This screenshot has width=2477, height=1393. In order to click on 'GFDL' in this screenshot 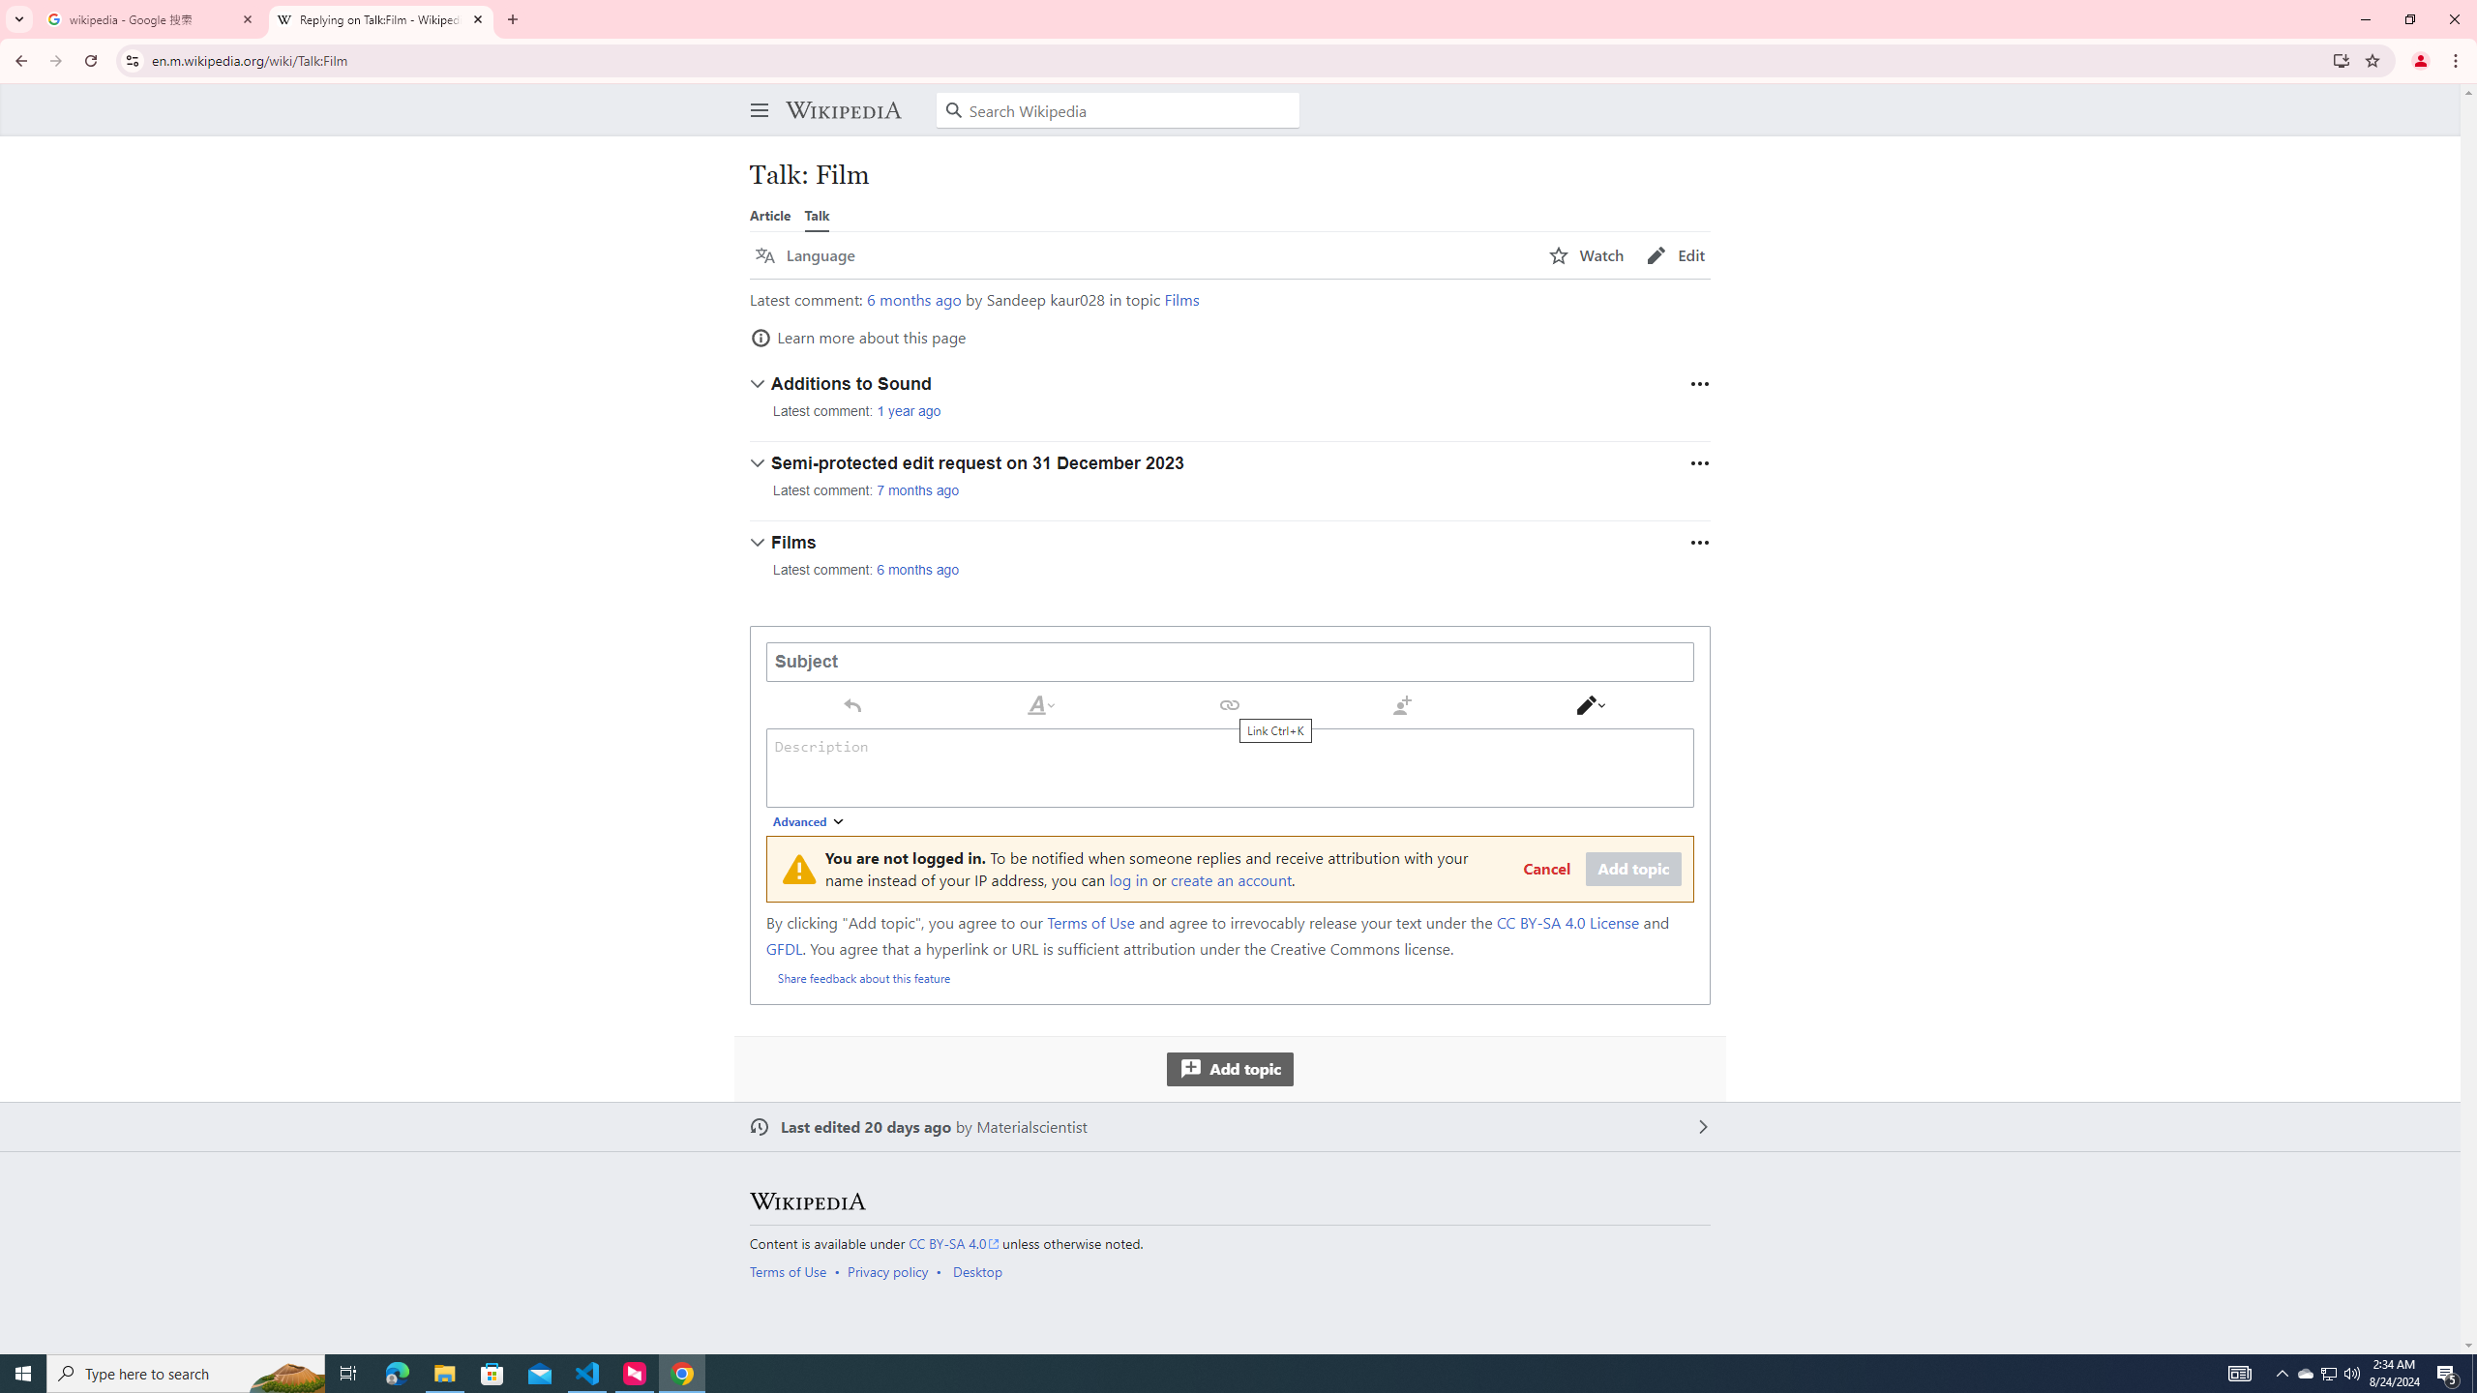, I will do `click(784, 946)`.